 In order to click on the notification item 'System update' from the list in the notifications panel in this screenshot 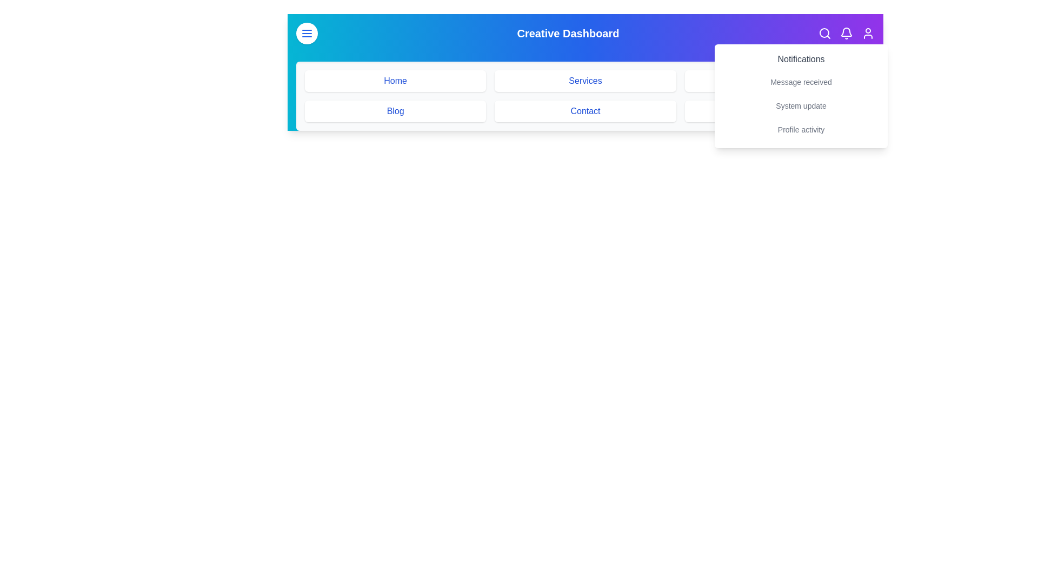, I will do `click(801, 106)`.